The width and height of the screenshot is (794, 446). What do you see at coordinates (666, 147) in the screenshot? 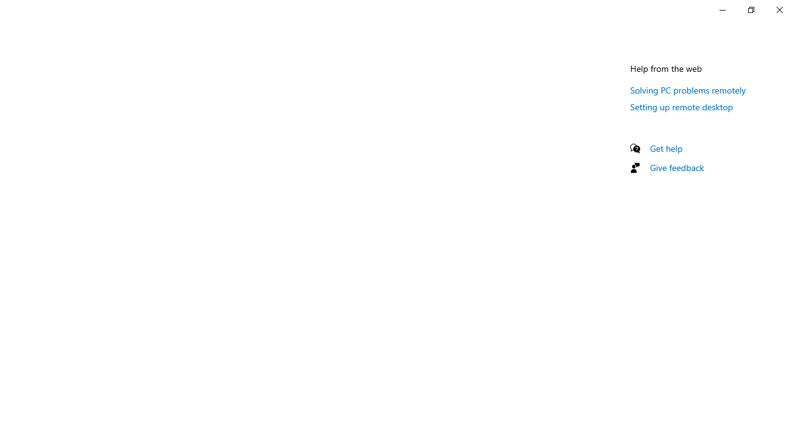
I see `'Get help'` at bounding box center [666, 147].